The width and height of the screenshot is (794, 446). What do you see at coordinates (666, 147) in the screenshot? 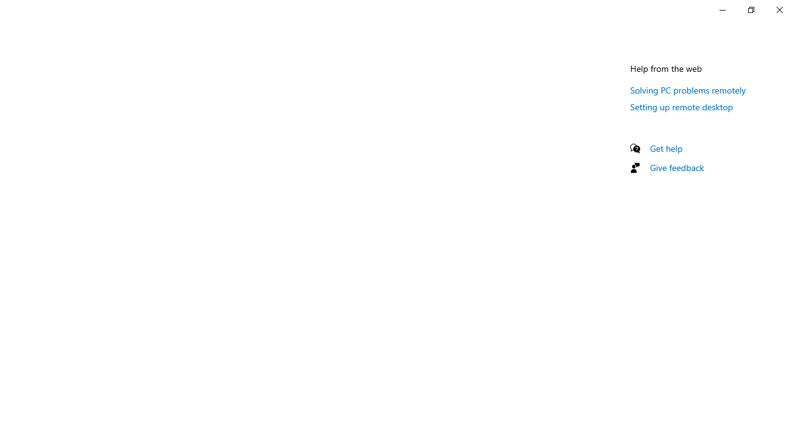
I see `'Get help'` at bounding box center [666, 147].